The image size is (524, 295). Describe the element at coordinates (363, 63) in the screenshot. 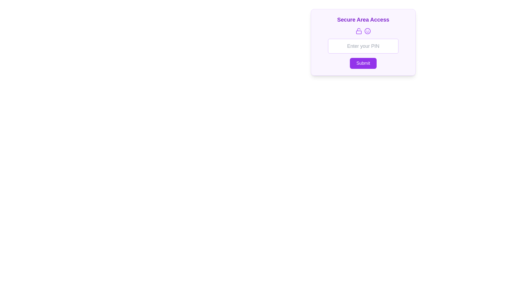

I see `the 'Submit' button with a purple background and rounded corners` at that location.